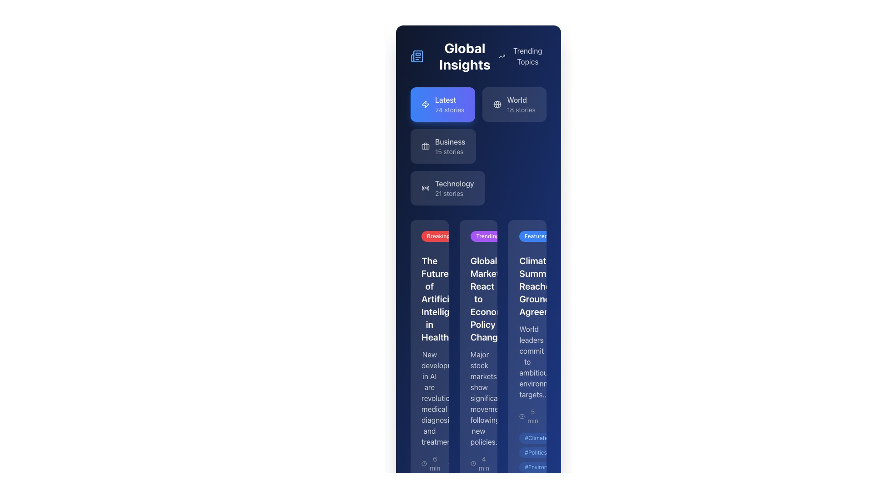  Describe the element at coordinates (462, 463) in the screenshot. I see `the Metadata indicator group located at the lower part of the interface` at that location.